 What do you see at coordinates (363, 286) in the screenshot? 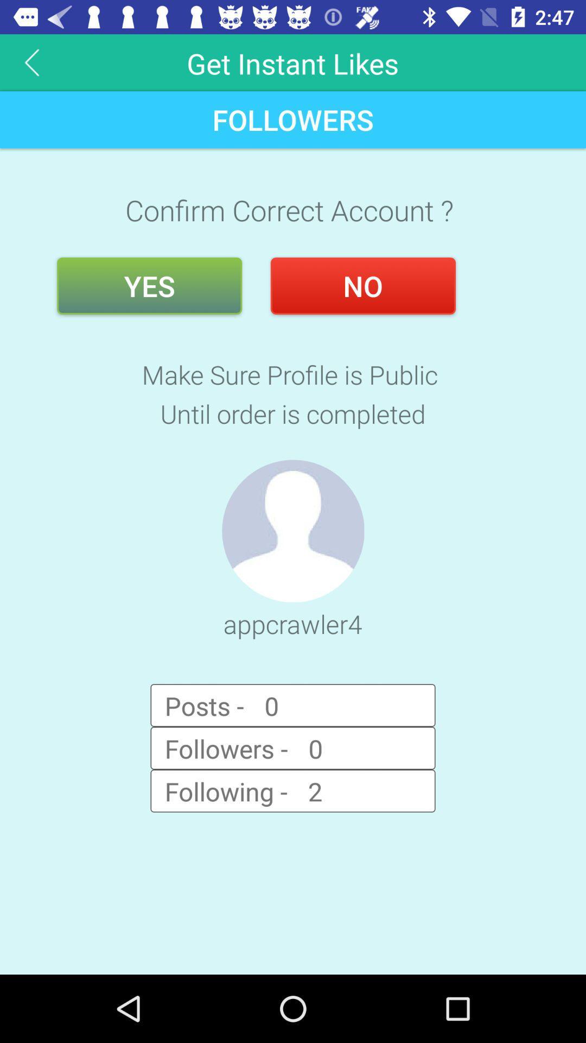
I see `the no` at bounding box center [363, 286].